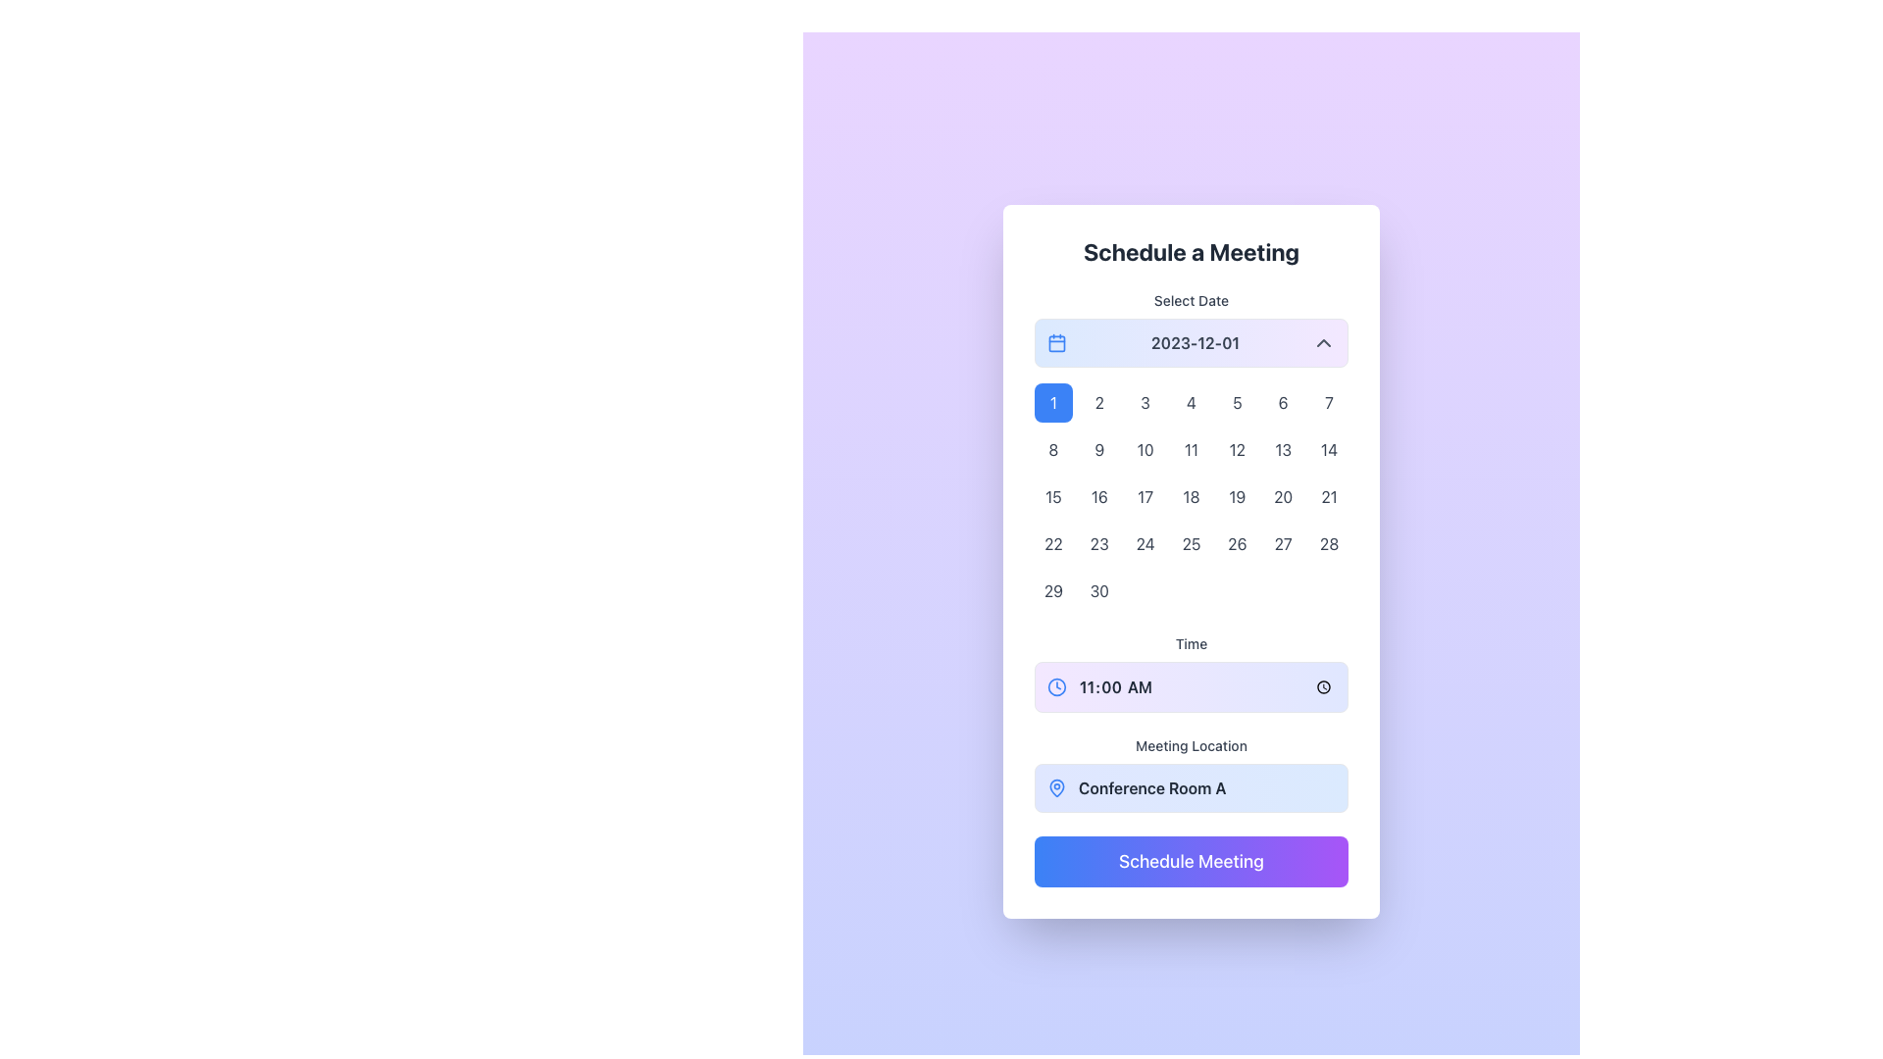 The image size is (1883, 1059). Describe the element at coordinates (1145, 450) in the screenshot. I see `the rectangular button labeled '10' with a light gray background` at that location.